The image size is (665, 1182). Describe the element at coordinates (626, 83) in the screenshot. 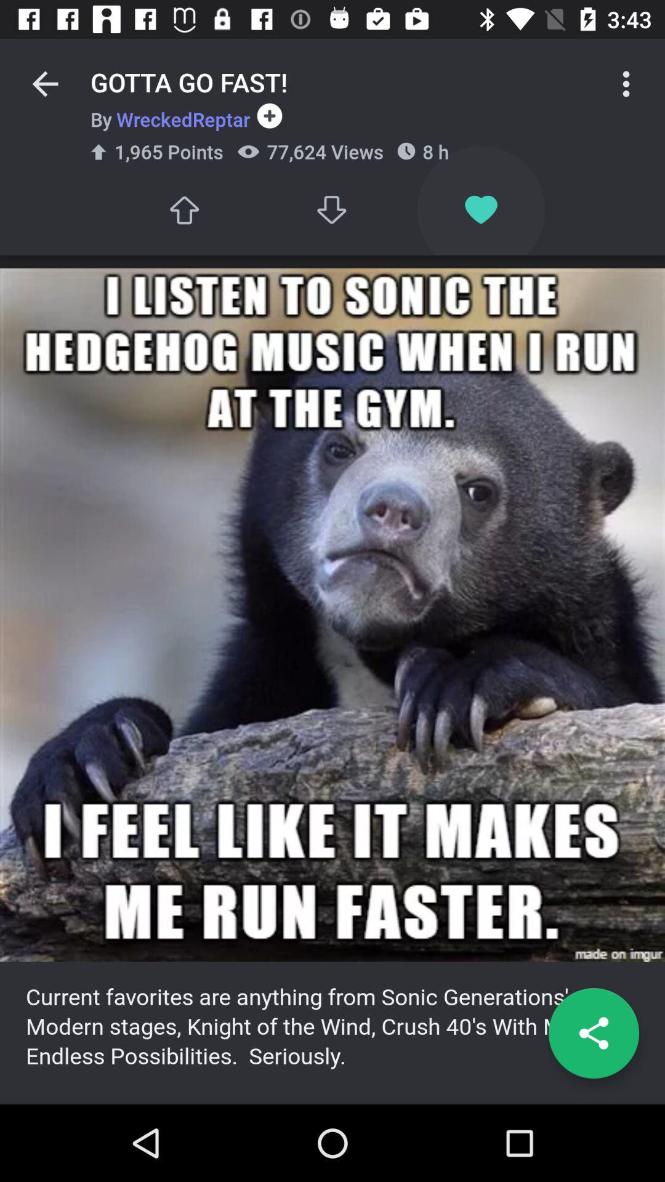

I see `show menu` at that location.